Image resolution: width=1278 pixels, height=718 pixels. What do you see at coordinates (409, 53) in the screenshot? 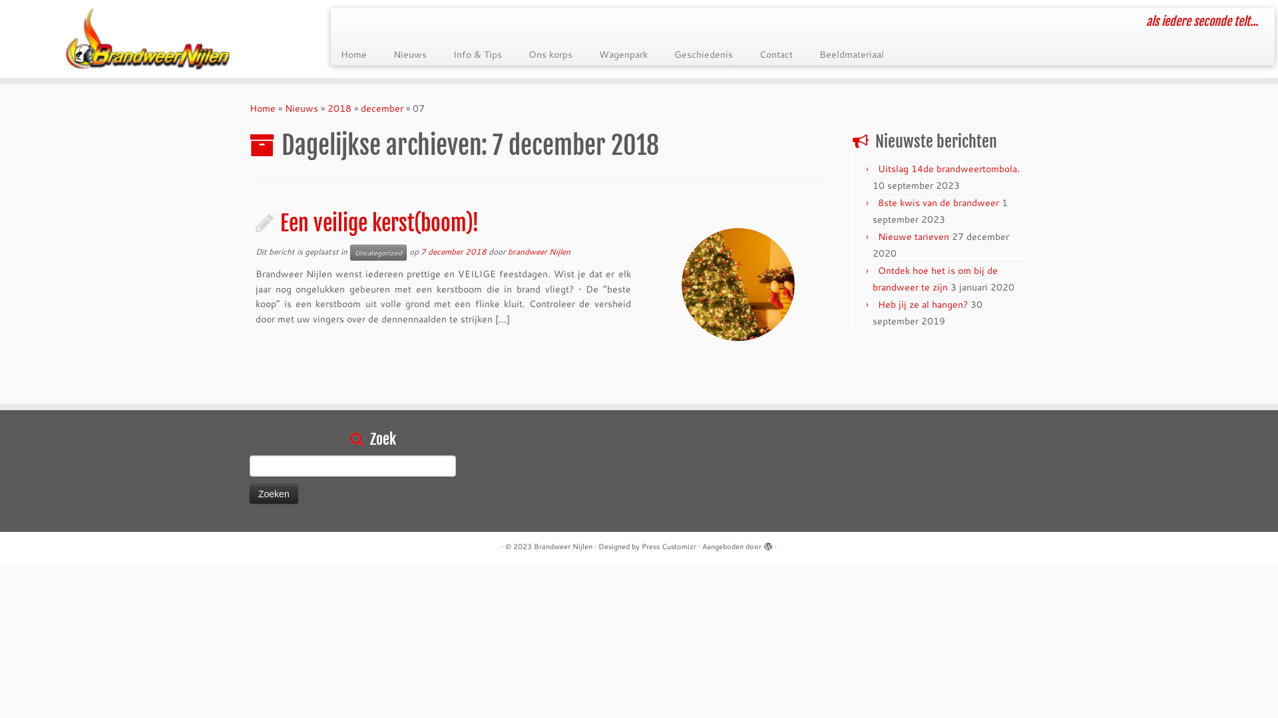
I see `'Nieuws'` at bounding box center [409, 53].